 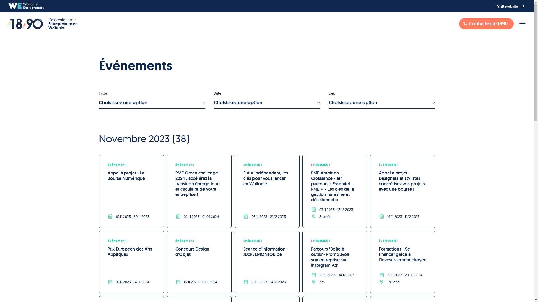 What do you see at coordinates (497, 6) in the screenshot?
I see `'Visit website'` at bounding box center [497, 6].